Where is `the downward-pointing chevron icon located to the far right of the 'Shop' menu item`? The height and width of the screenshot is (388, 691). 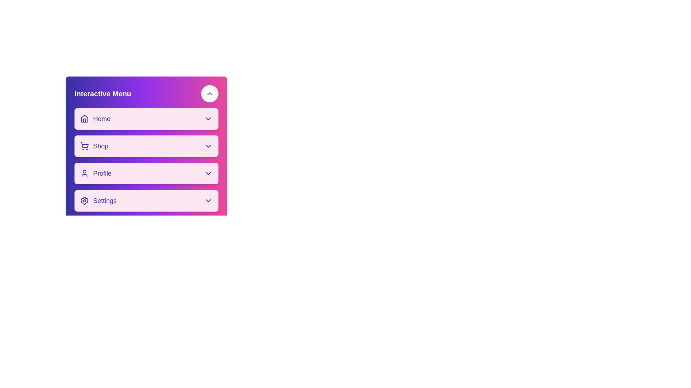 the downward-pointing chevron icon located to the far right of the 'Shop' menu item is located at coordinates (208, 146).